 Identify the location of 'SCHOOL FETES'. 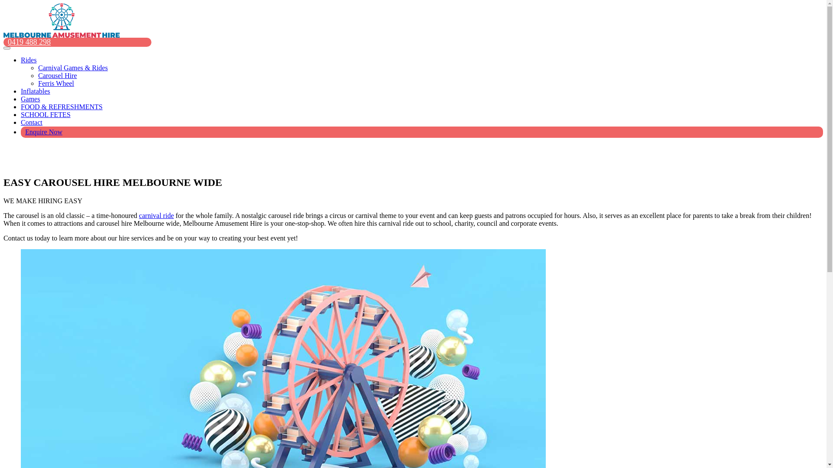
(21, 114).